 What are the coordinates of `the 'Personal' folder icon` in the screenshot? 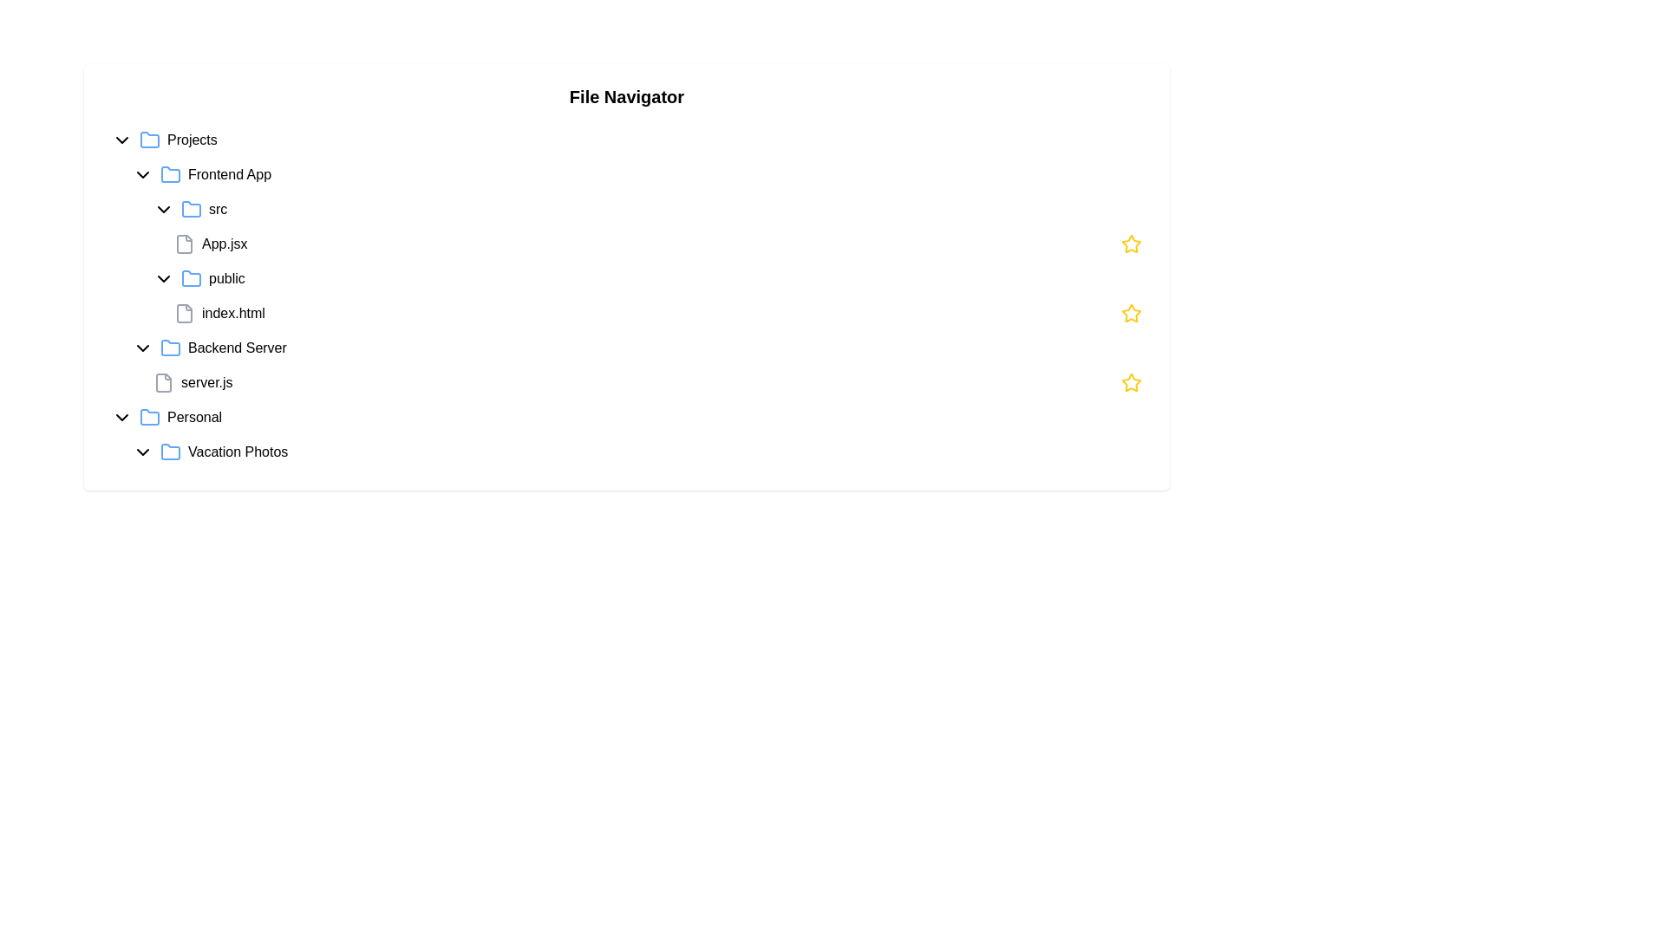 It's located at (149, 417).